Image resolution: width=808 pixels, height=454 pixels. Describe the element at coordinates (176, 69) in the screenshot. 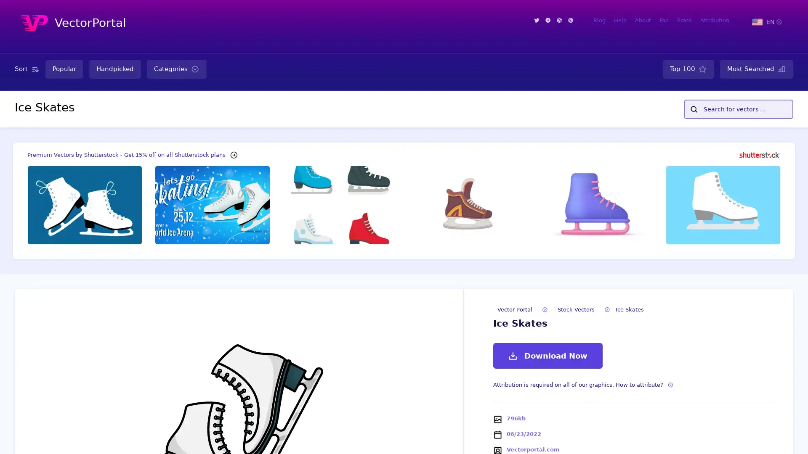

I see `Categories` at that location.